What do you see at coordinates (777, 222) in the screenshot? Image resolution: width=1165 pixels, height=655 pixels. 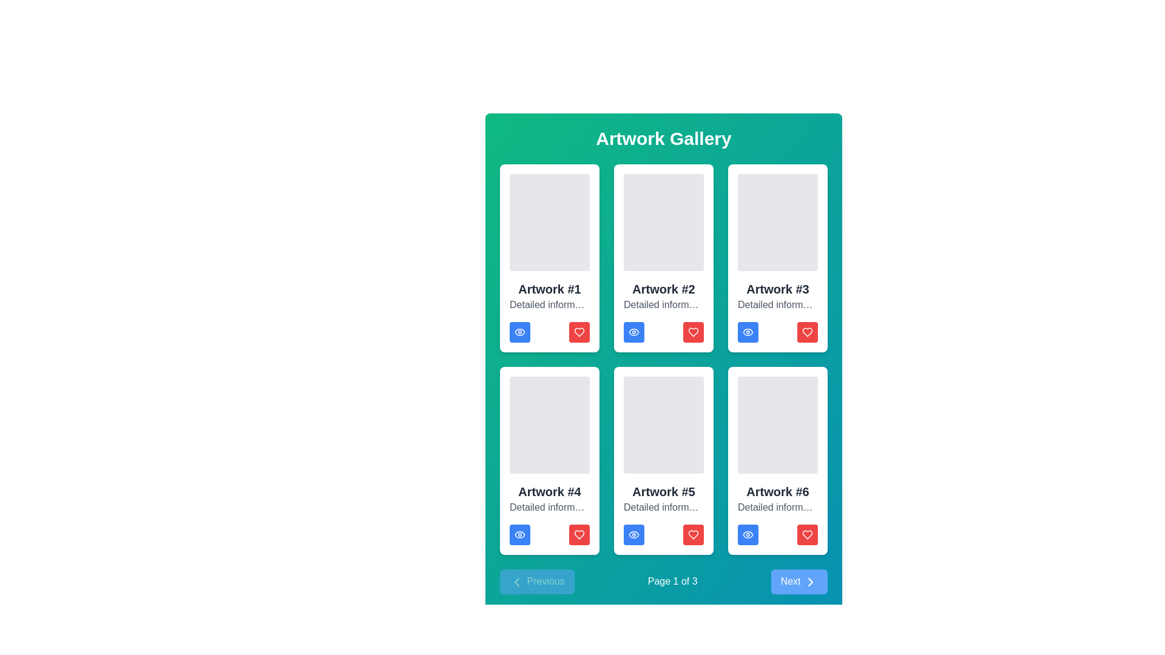 I see `the Image placeholder located at the top of the card labeled 'Artwork #3', which has a light gray background and rounded corners` at bounding box center [777, 222].